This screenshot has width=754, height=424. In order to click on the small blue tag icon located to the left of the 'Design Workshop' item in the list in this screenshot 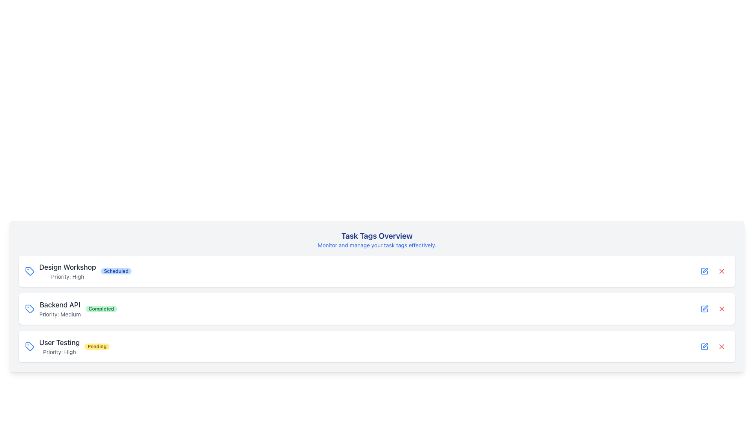, I will do `click(30, 270)`.